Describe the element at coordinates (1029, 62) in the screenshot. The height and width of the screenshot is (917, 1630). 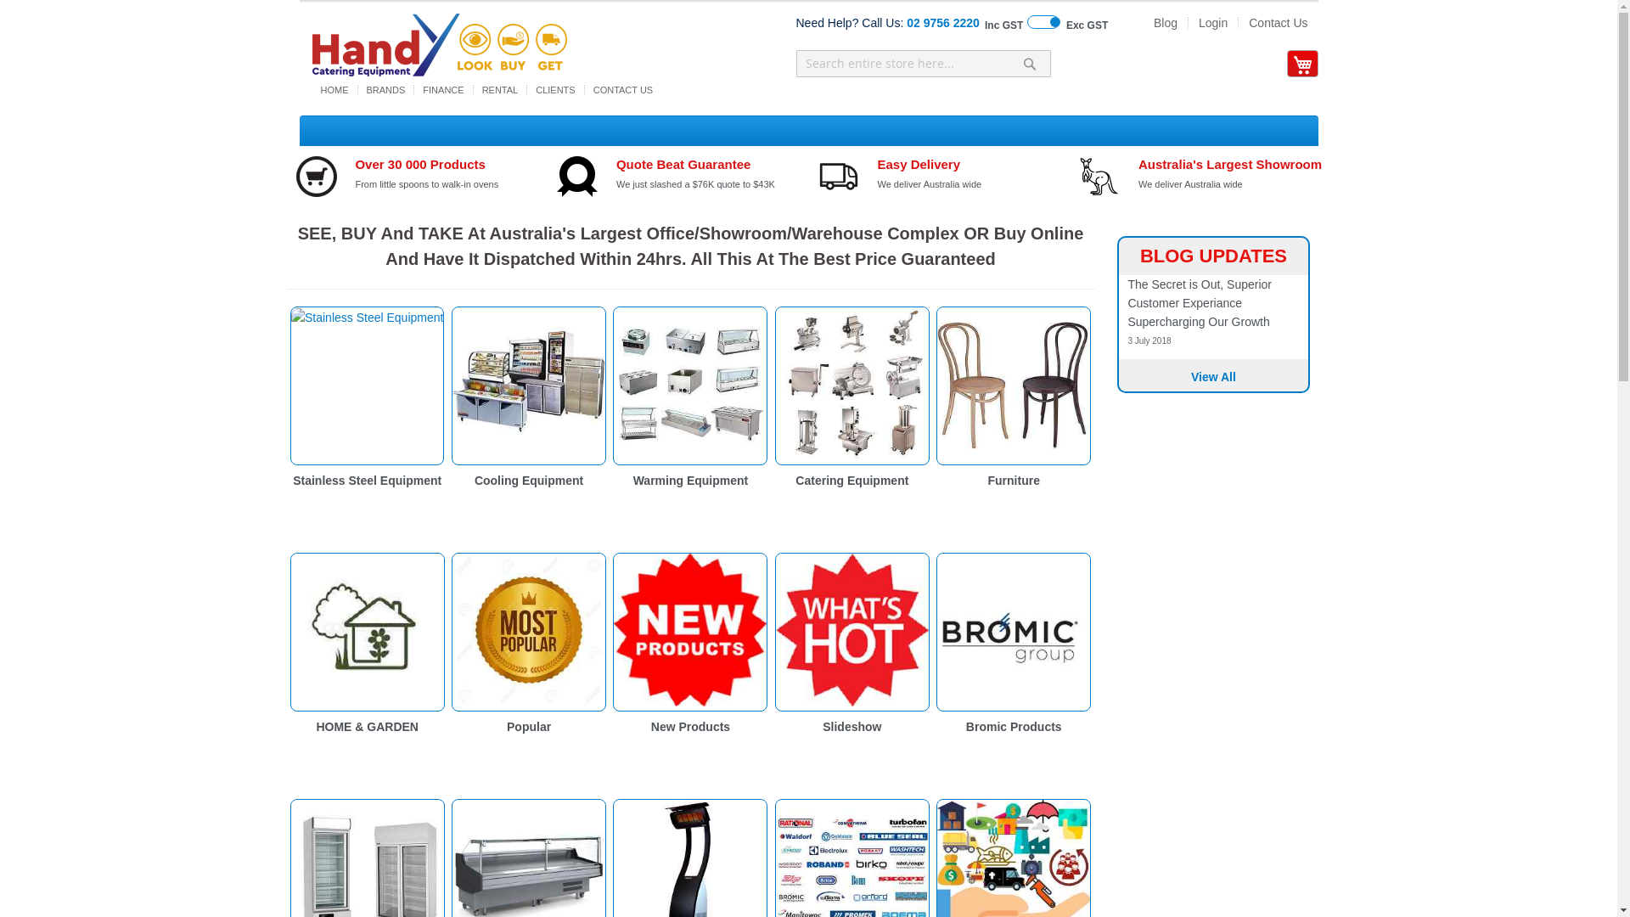
I see `'Search'` at that location.